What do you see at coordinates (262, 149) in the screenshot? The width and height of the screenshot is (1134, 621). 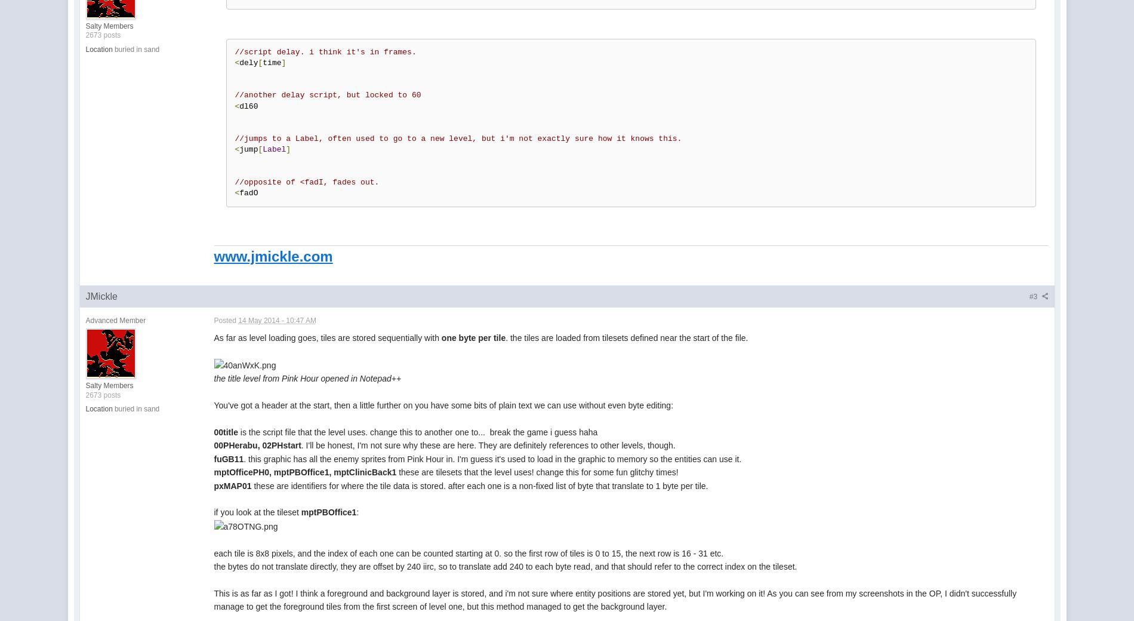 I see `'Label'` at bounding box center [262, 149].